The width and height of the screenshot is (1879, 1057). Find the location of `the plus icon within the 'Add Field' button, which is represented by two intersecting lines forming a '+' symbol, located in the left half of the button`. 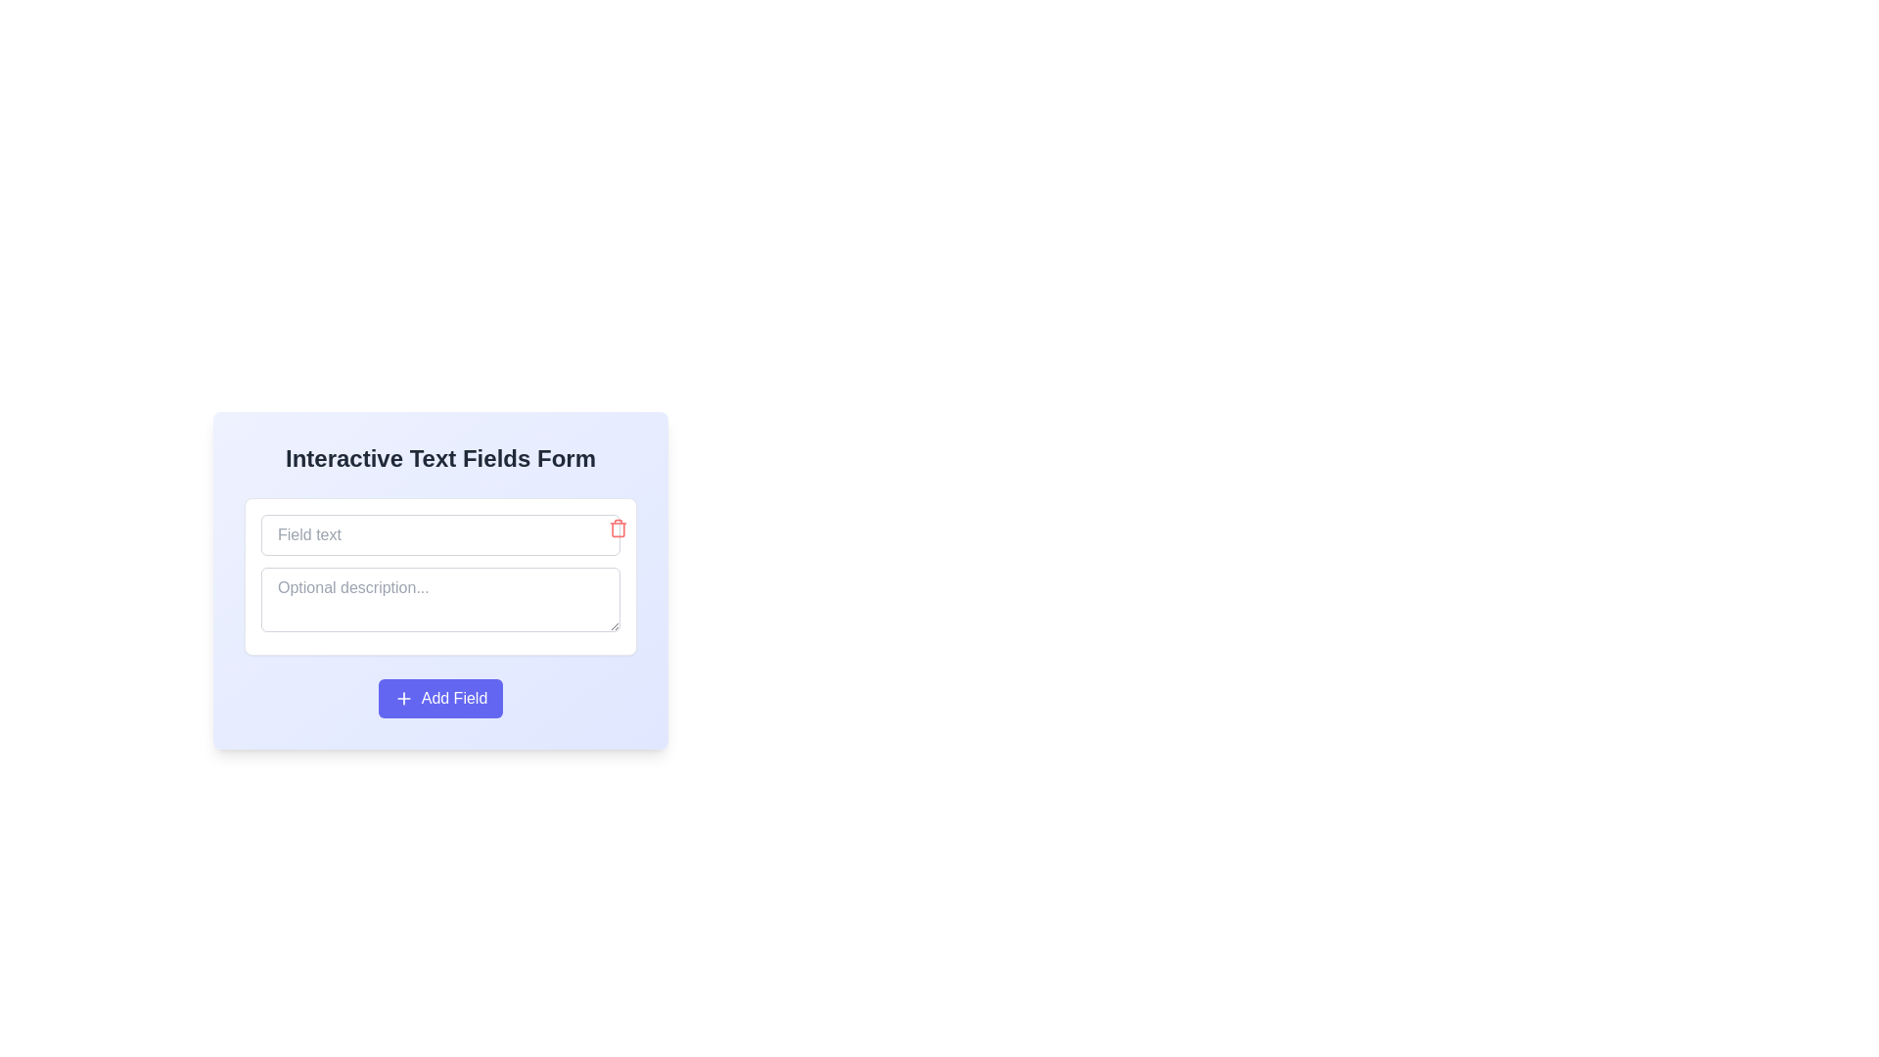

the plus icon within the 'Add Field' button, which is represented by two intersecting lines forming a '+' symbol, located in the left half of the button is located at coordinates (402, 697).